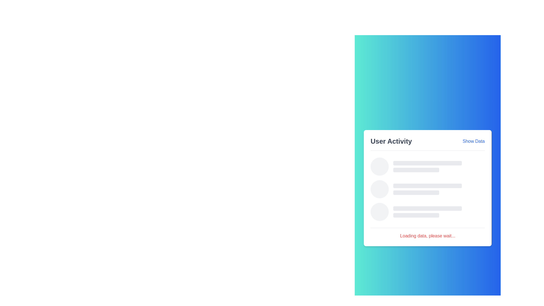 This screenshot has height=306, width=544. Describe the element at coordinates (428, 236) in the screenshot. I see `the static text label that reads 'Loading data, please wait...' styled in red, positioned at the bottom of the user activity section` at that location.